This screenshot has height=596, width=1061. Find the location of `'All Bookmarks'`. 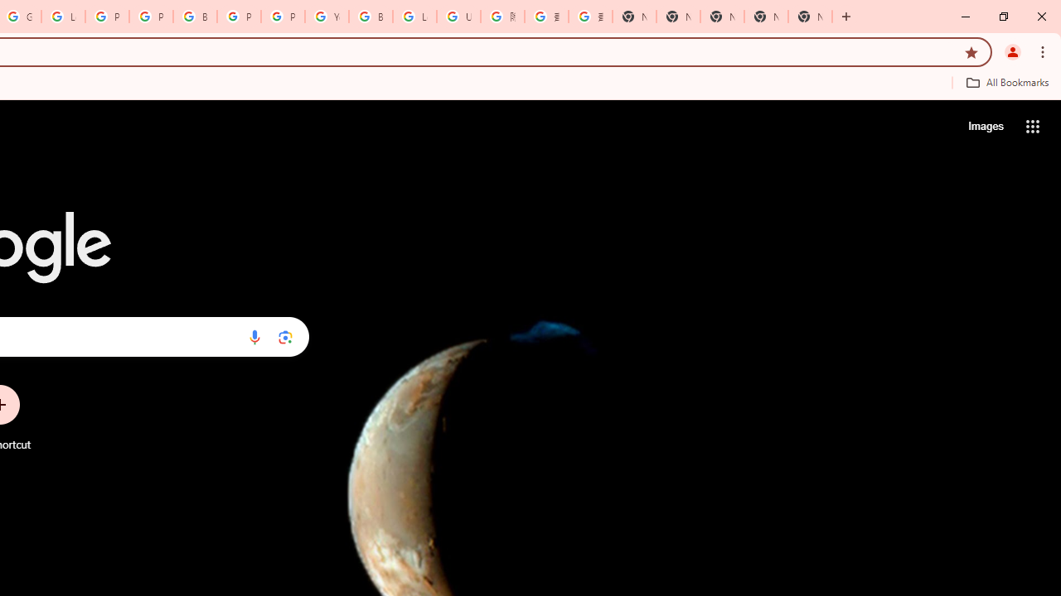

'All Bookmarks' is located at coordinates (1006, 82).